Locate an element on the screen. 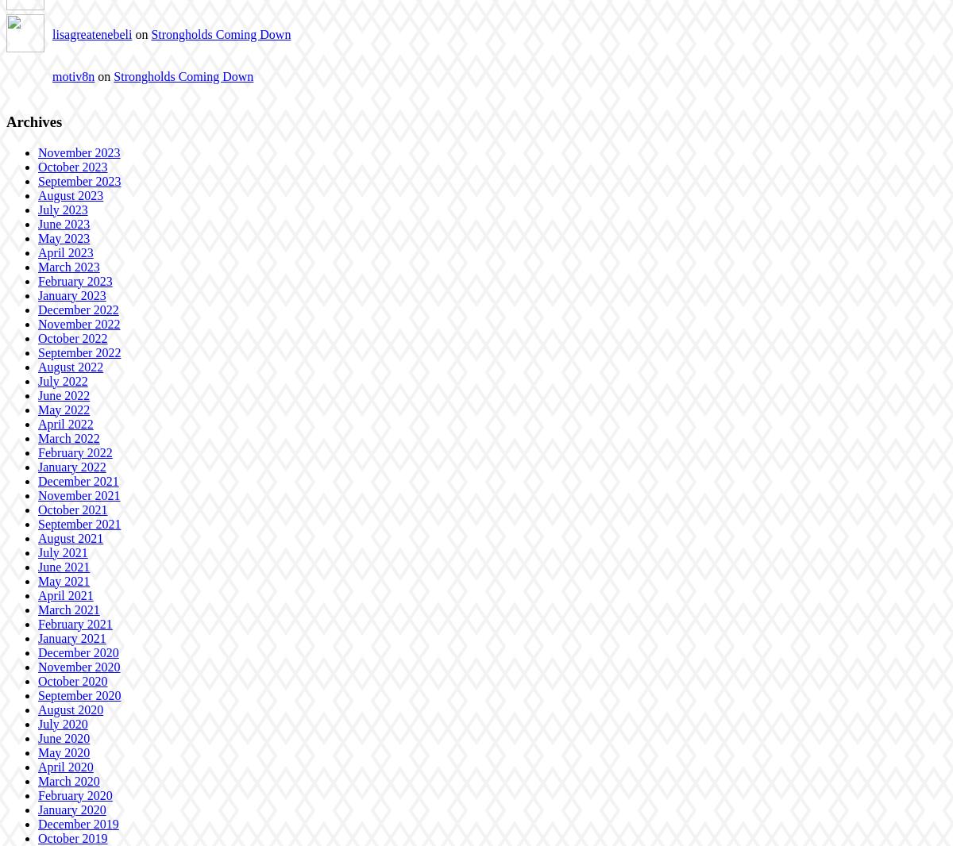 This screenshot has width=953, height=846. 'April 2023' is located at coordinates (38, 252).